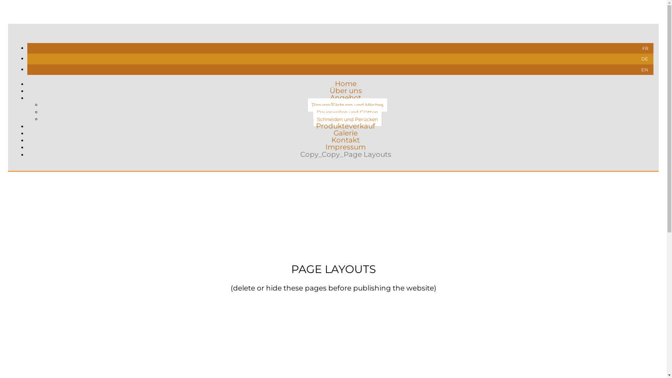 The width and height of the screenshot is (672, 378). I want to click on 'Impressum', so click(345, 147).